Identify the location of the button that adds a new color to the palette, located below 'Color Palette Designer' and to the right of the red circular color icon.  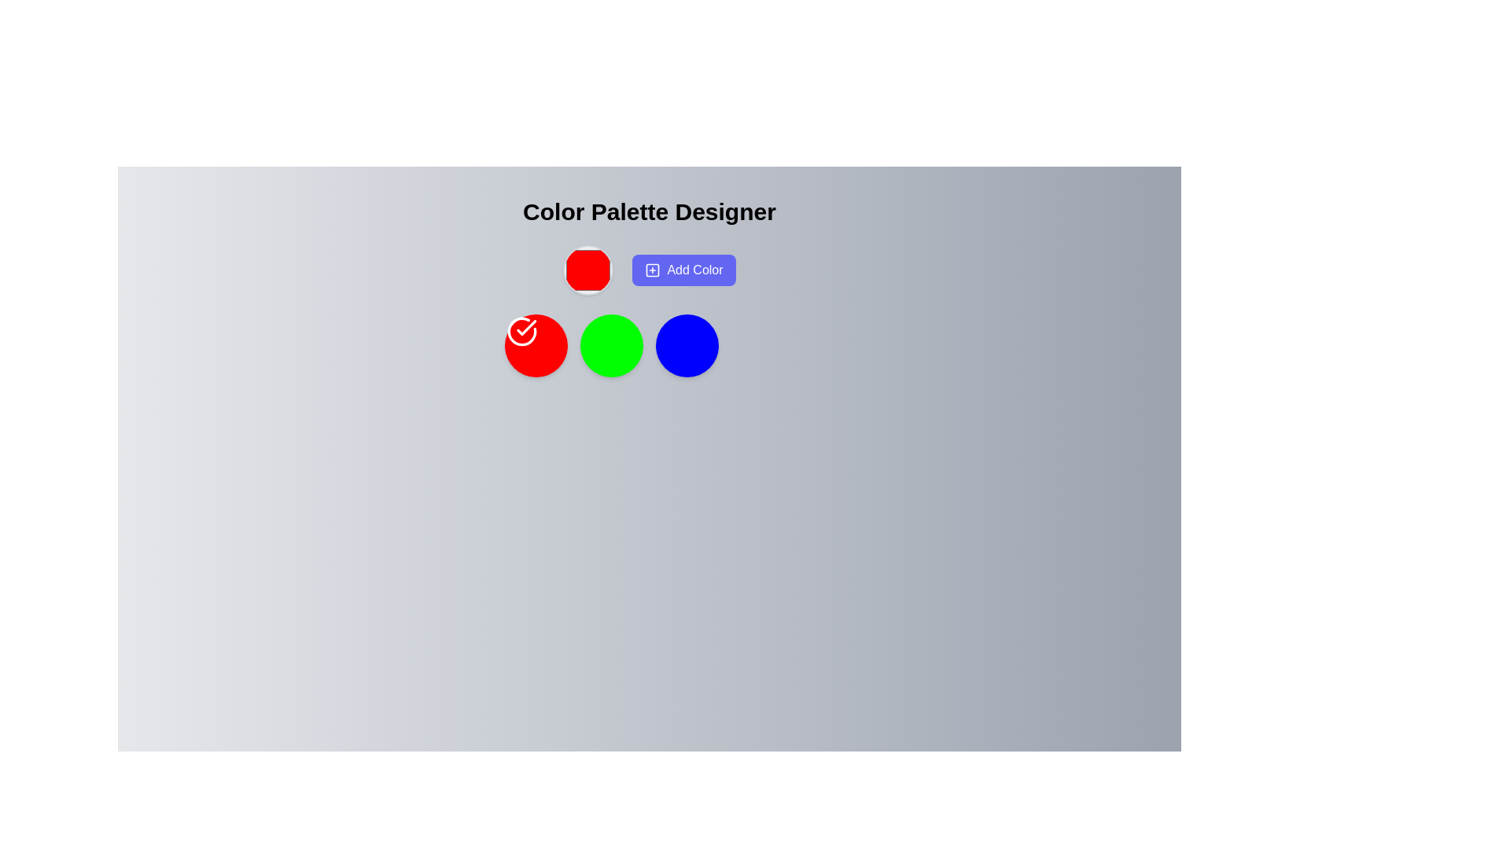
(649, 269).